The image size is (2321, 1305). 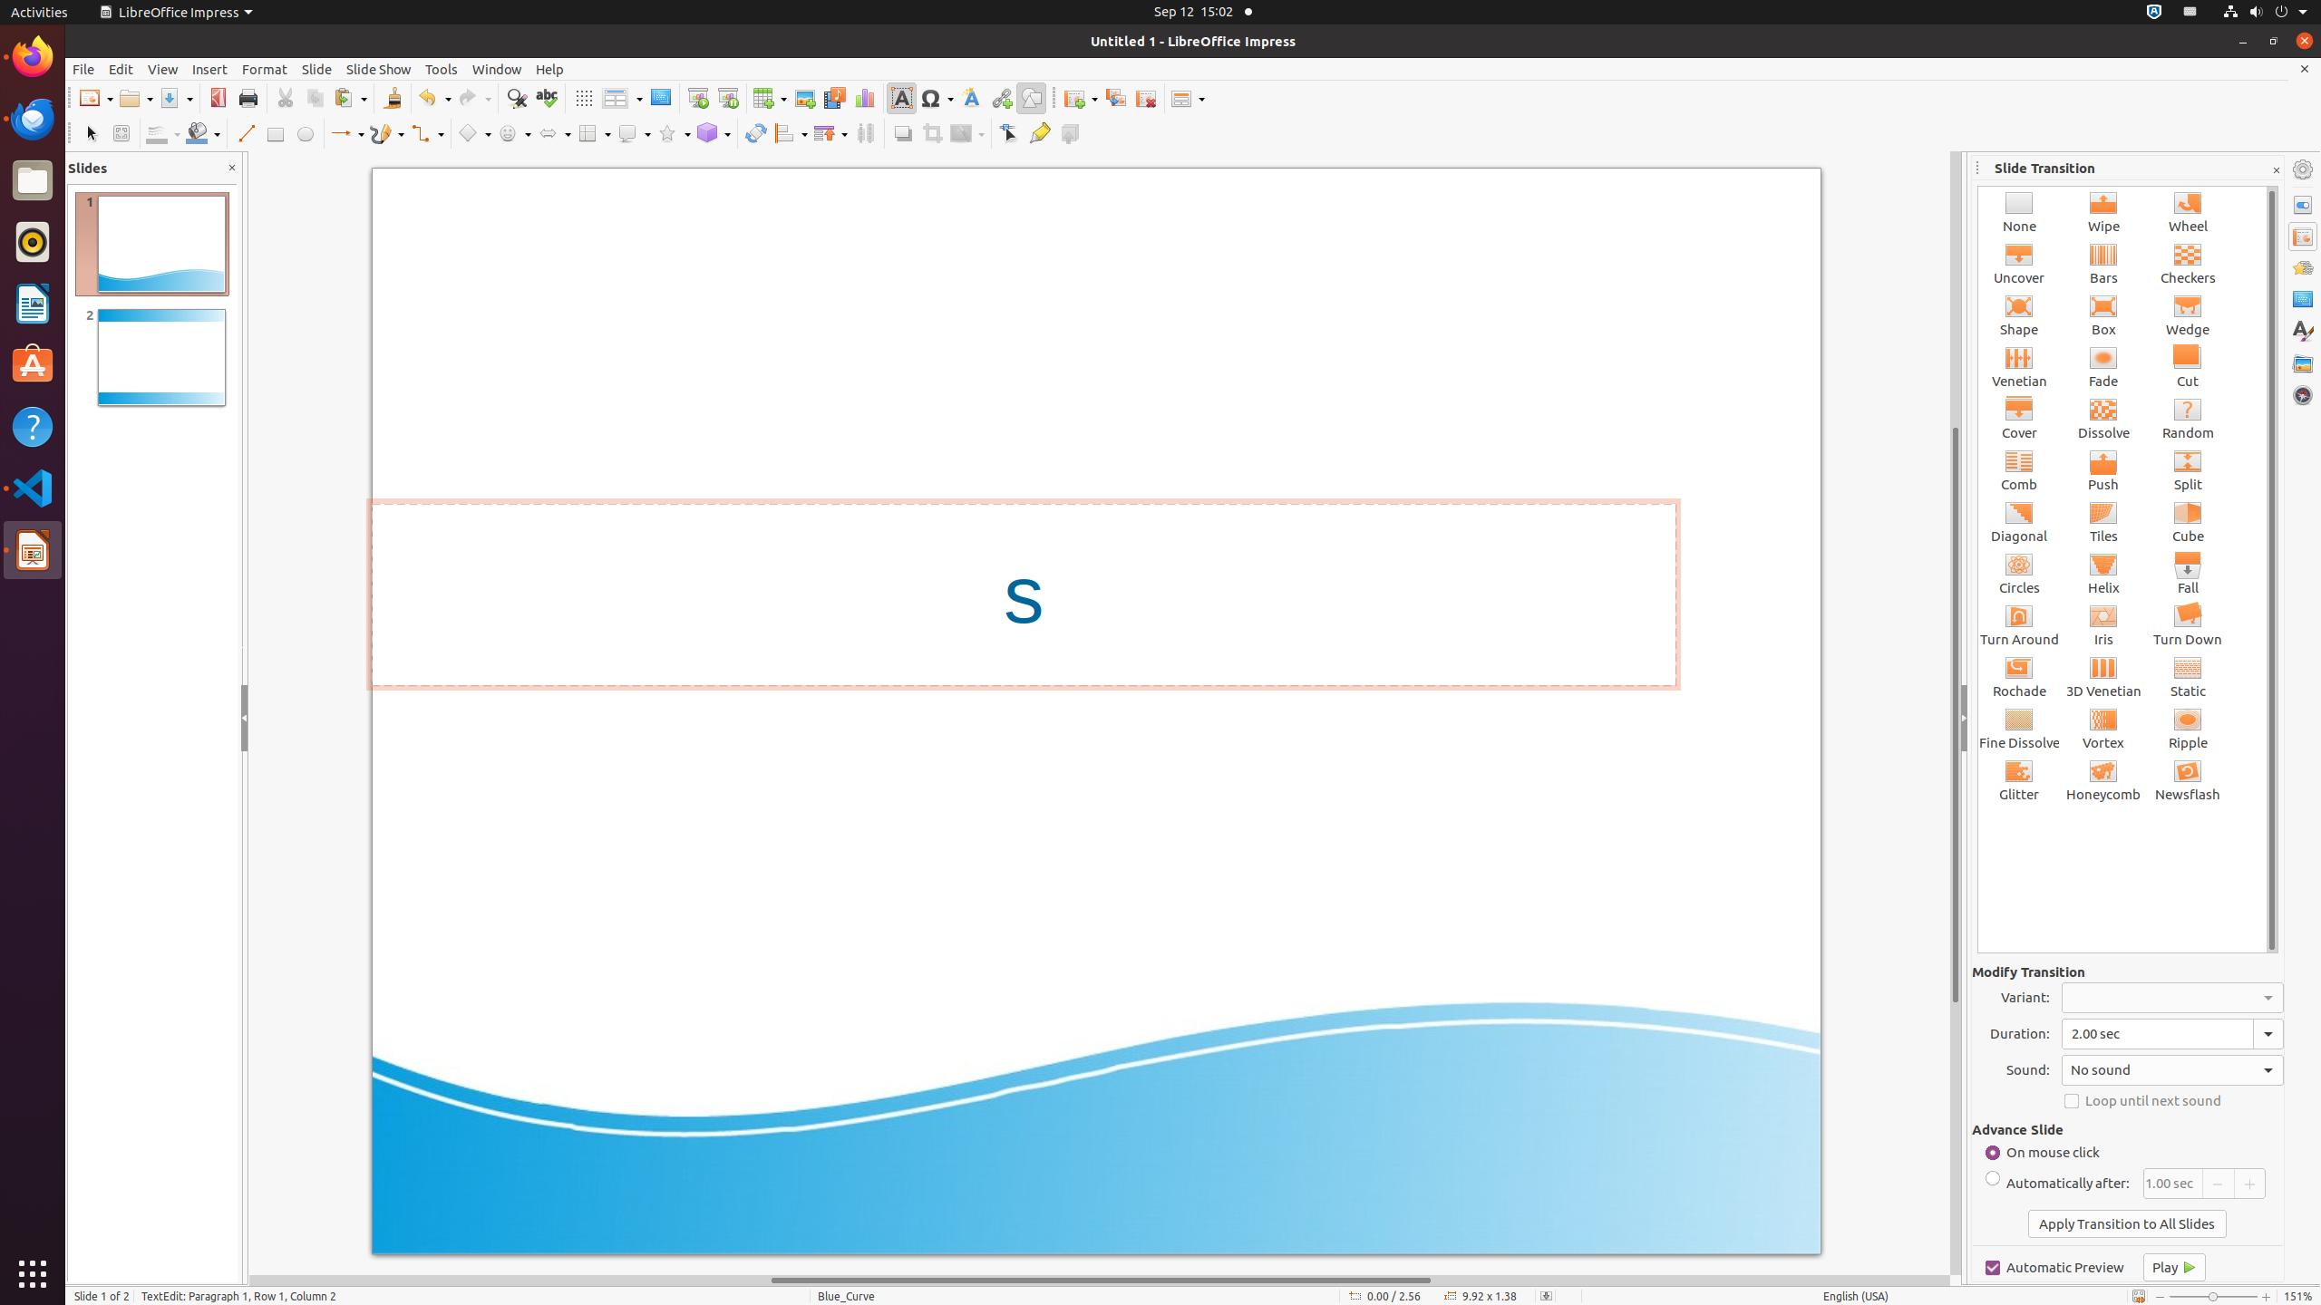 What do you see at coordinates (2172, 1068) in the screenshot?
I see `'Sound:'` at bounding box center [2172, 1068].